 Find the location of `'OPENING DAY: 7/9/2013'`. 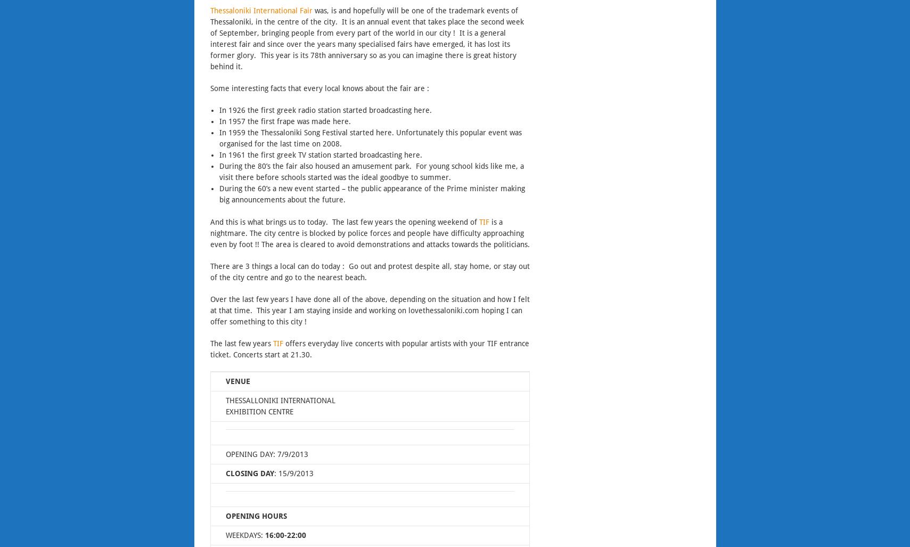

'OPENING DAY: 7/9/2013' is located at coordinates (266, 454).